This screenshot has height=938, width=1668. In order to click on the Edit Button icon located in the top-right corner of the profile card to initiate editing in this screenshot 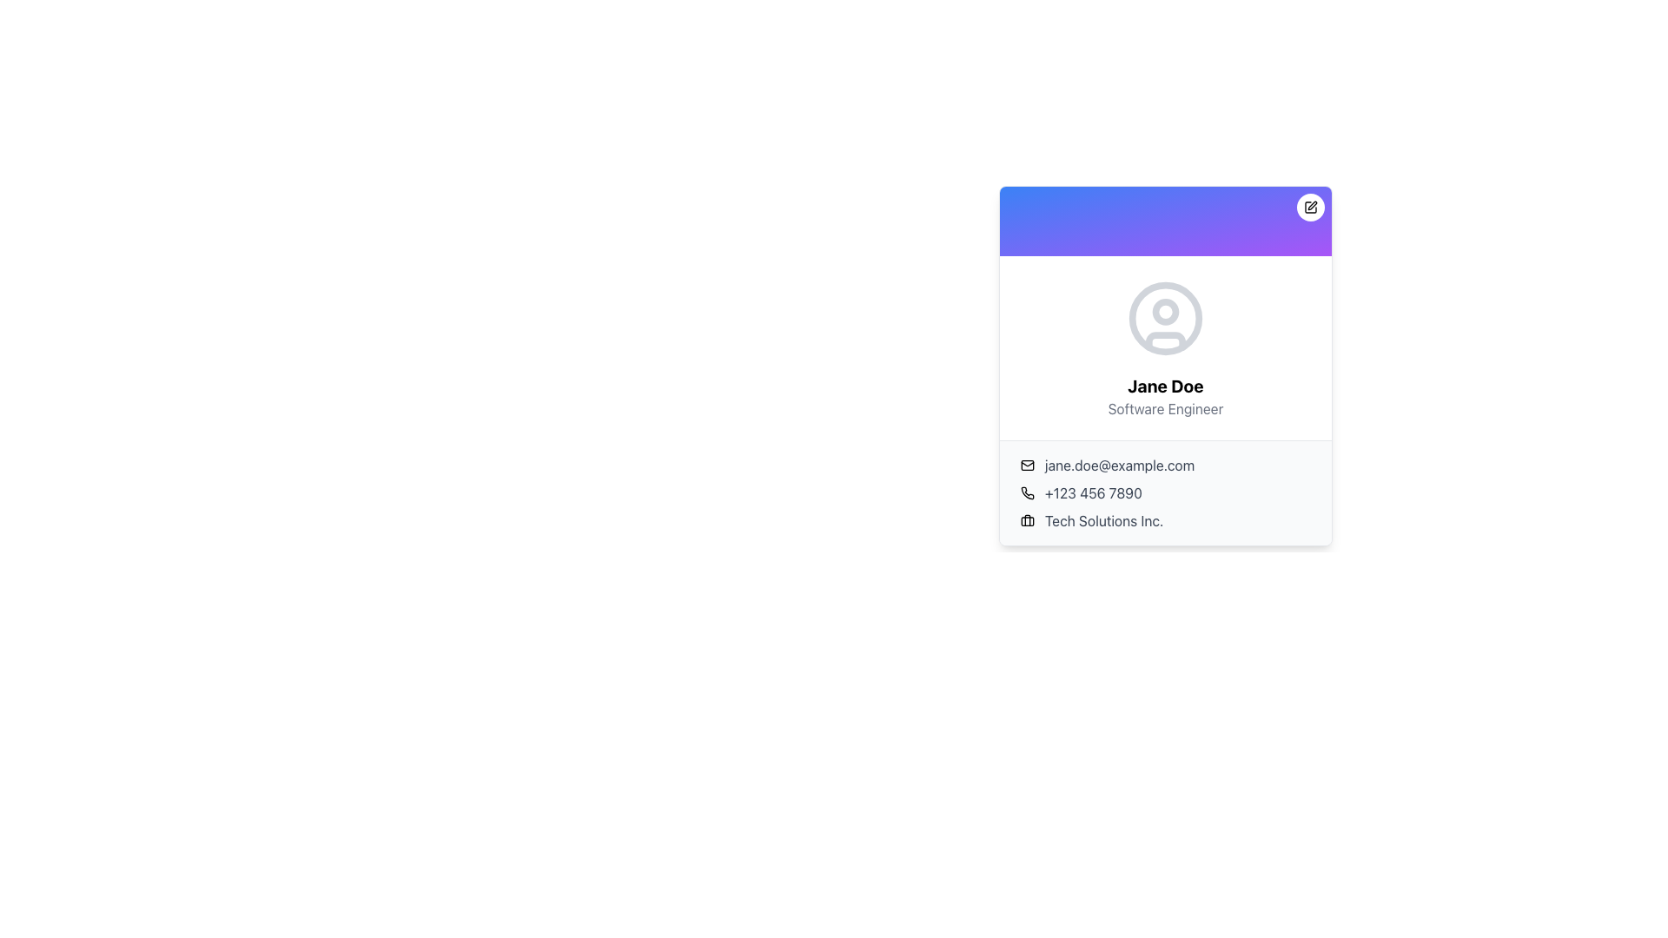, I will do `click(1310, 207)`.